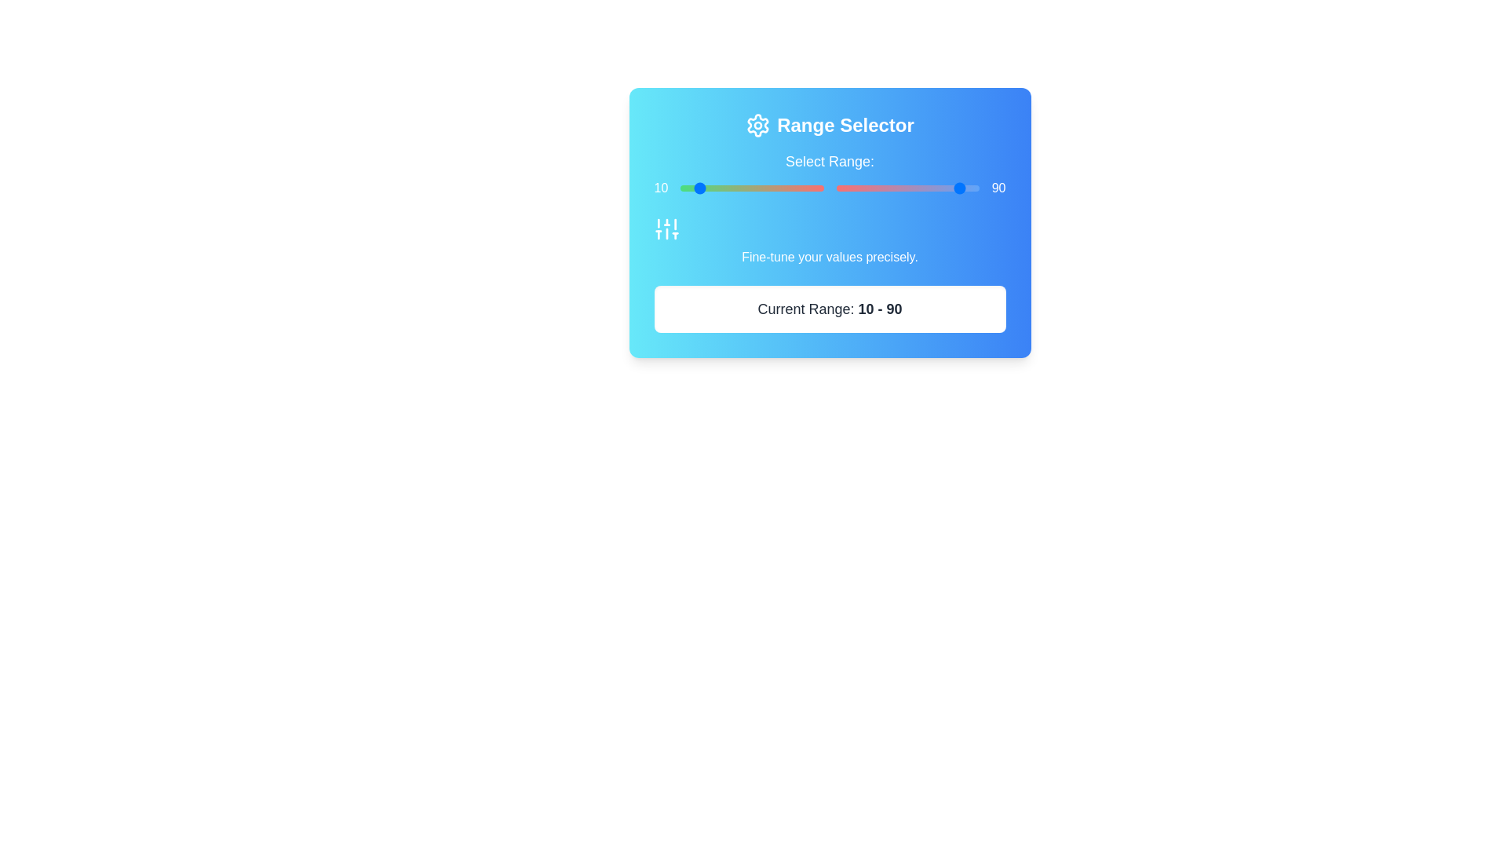 This screenshot has height=848, width=1507. Describe the element at coordinates (923, 187) in the screenshot. I see `the right range slider to set its value to 61` at that location.